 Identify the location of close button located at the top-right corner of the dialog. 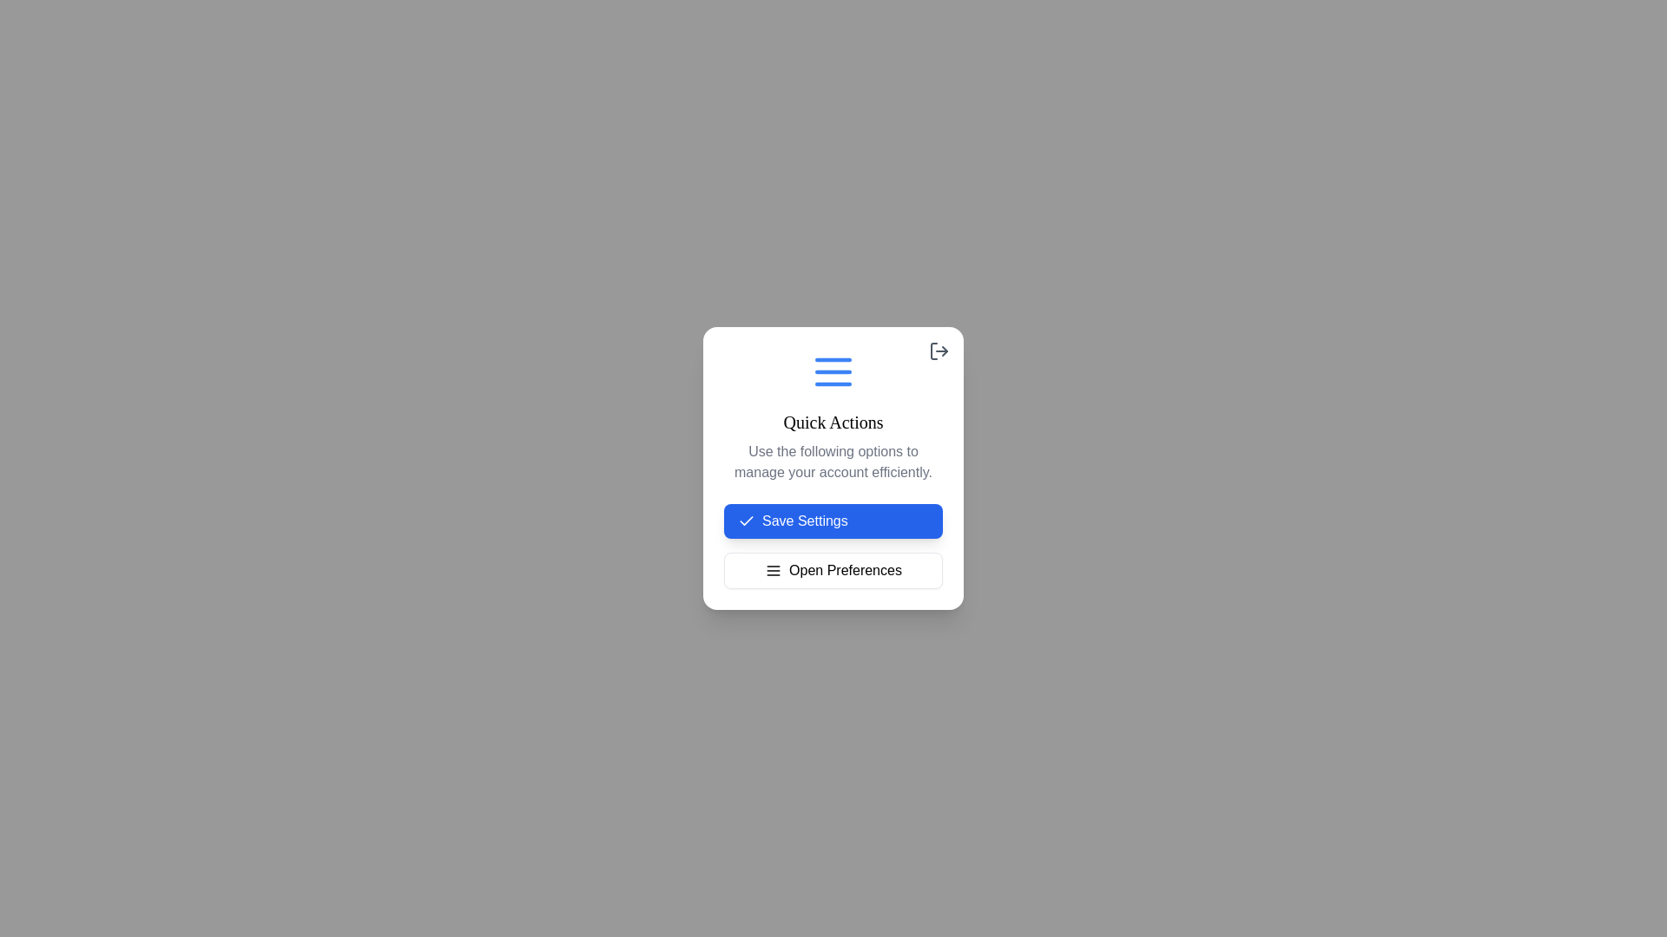
(938, 351).